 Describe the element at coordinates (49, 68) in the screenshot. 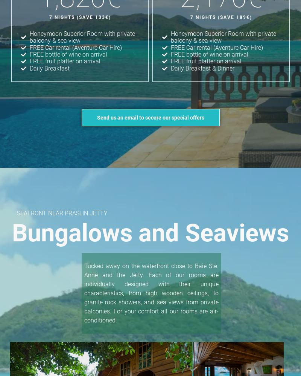

I see `'Daily Breakfast'` at that location.